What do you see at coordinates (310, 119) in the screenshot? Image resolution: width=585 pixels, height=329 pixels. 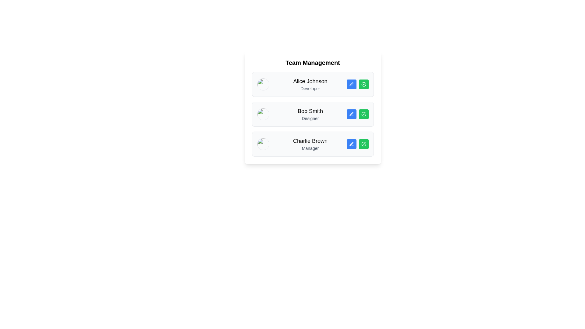 I see `the text label containing the word 'designer' in lowercase letters, which is styled in gray and located beneath the larger text label 'Bob Smith'` at bounding box center [310, 119].